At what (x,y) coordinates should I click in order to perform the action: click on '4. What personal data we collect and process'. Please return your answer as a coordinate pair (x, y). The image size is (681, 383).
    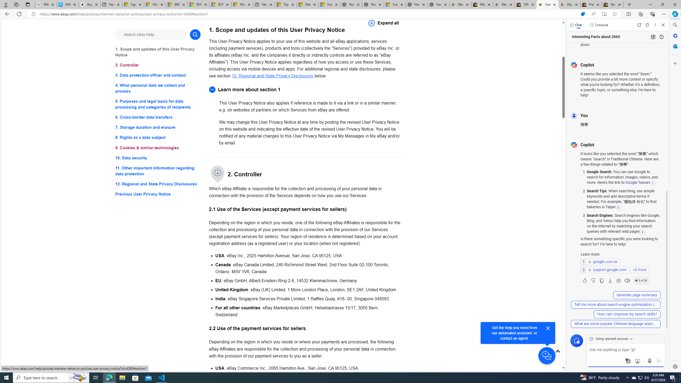
    Looking at the image, I should click on (157, 88).